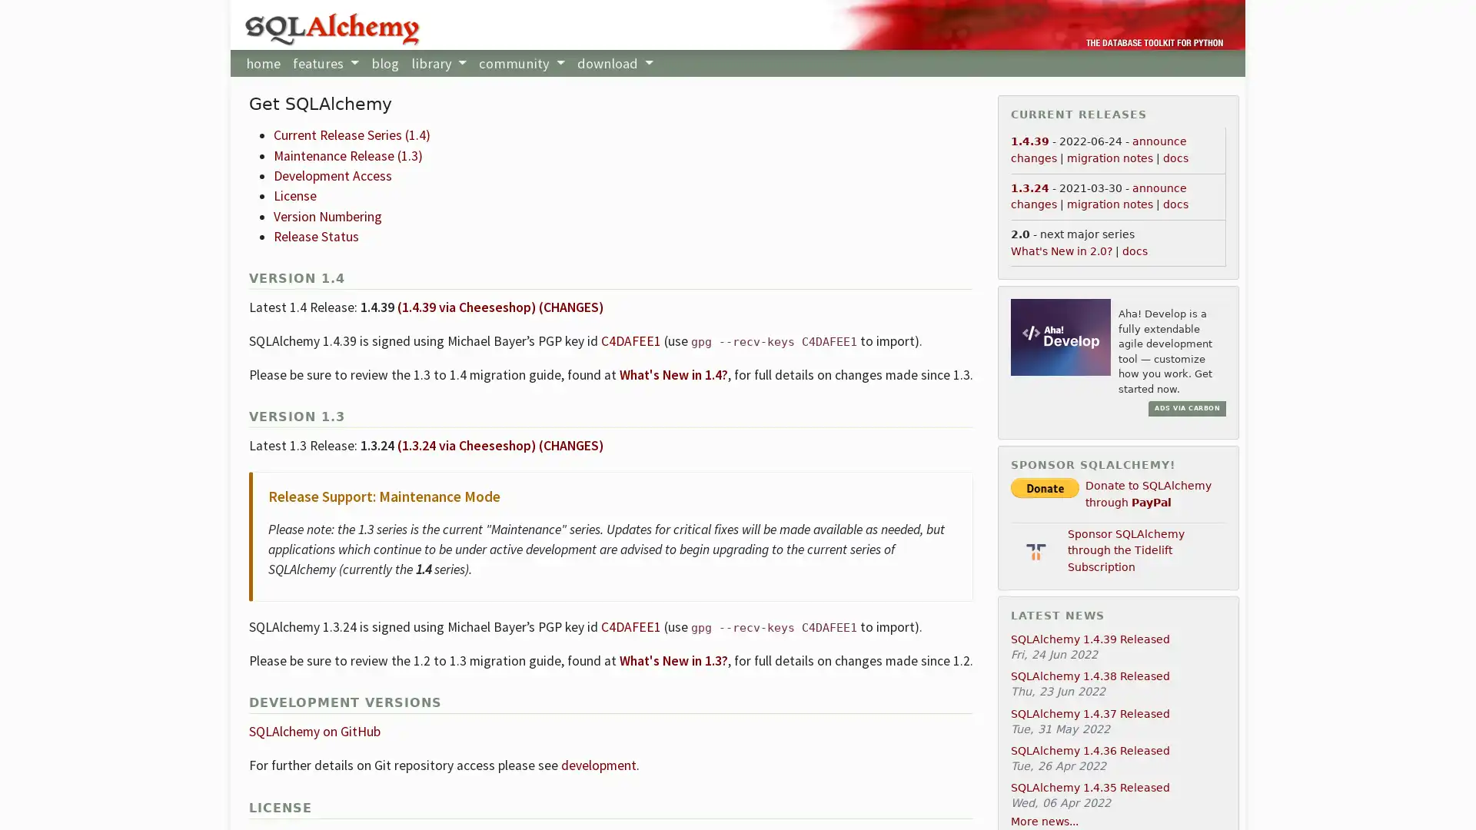  I want to click on download, so click(615, 62).